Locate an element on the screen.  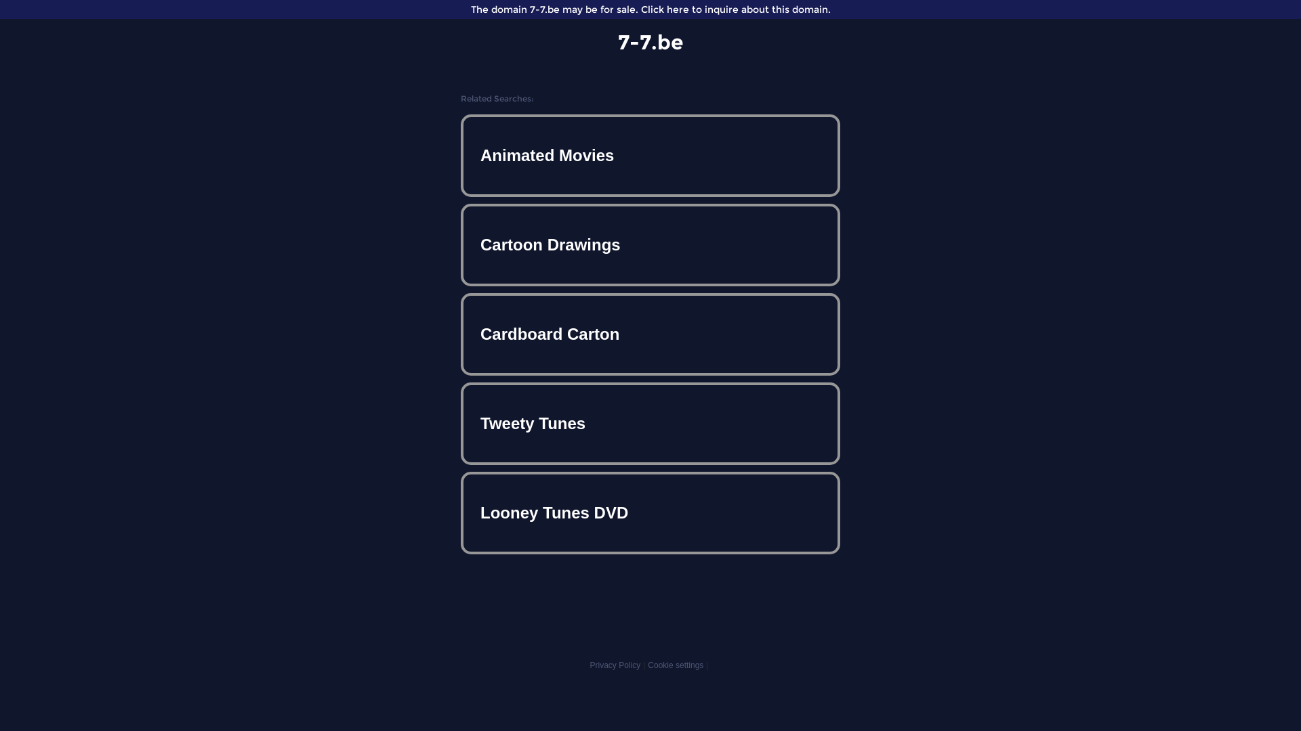
'Tweety Tunes' is located at coordinates (650, 422).